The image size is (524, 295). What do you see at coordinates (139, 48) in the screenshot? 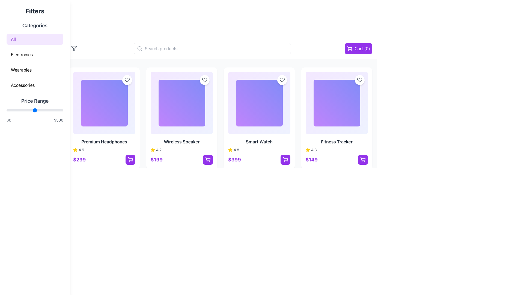
I see `the small circular magnifying glass icon with a gray outline located on the left side of the search bar in the top horizontal toolbar` at bounding box center [139, 48].